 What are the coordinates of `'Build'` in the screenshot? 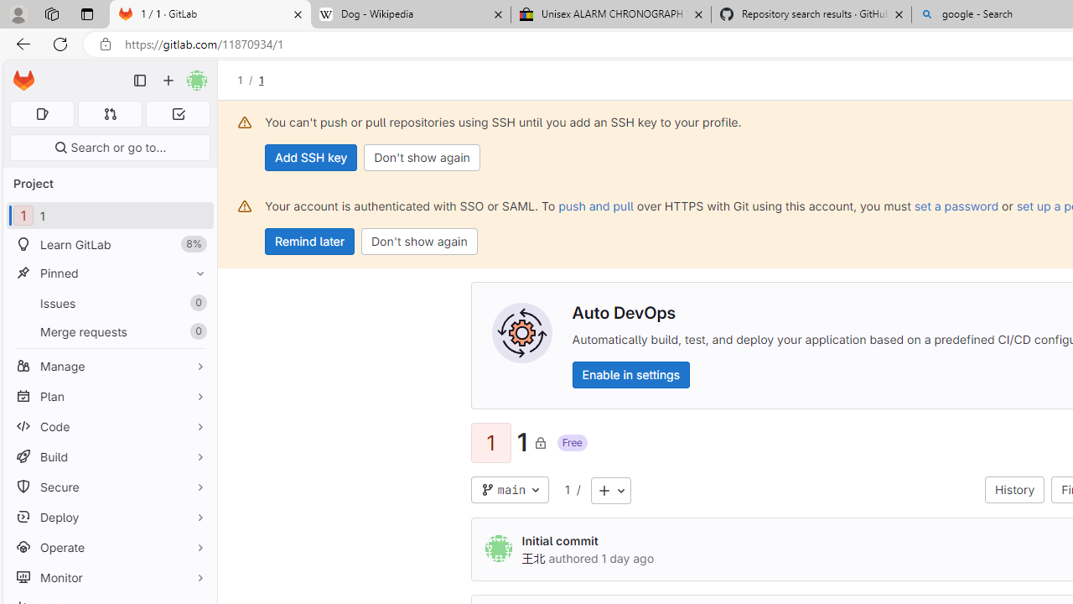 It's located at (109, 456).